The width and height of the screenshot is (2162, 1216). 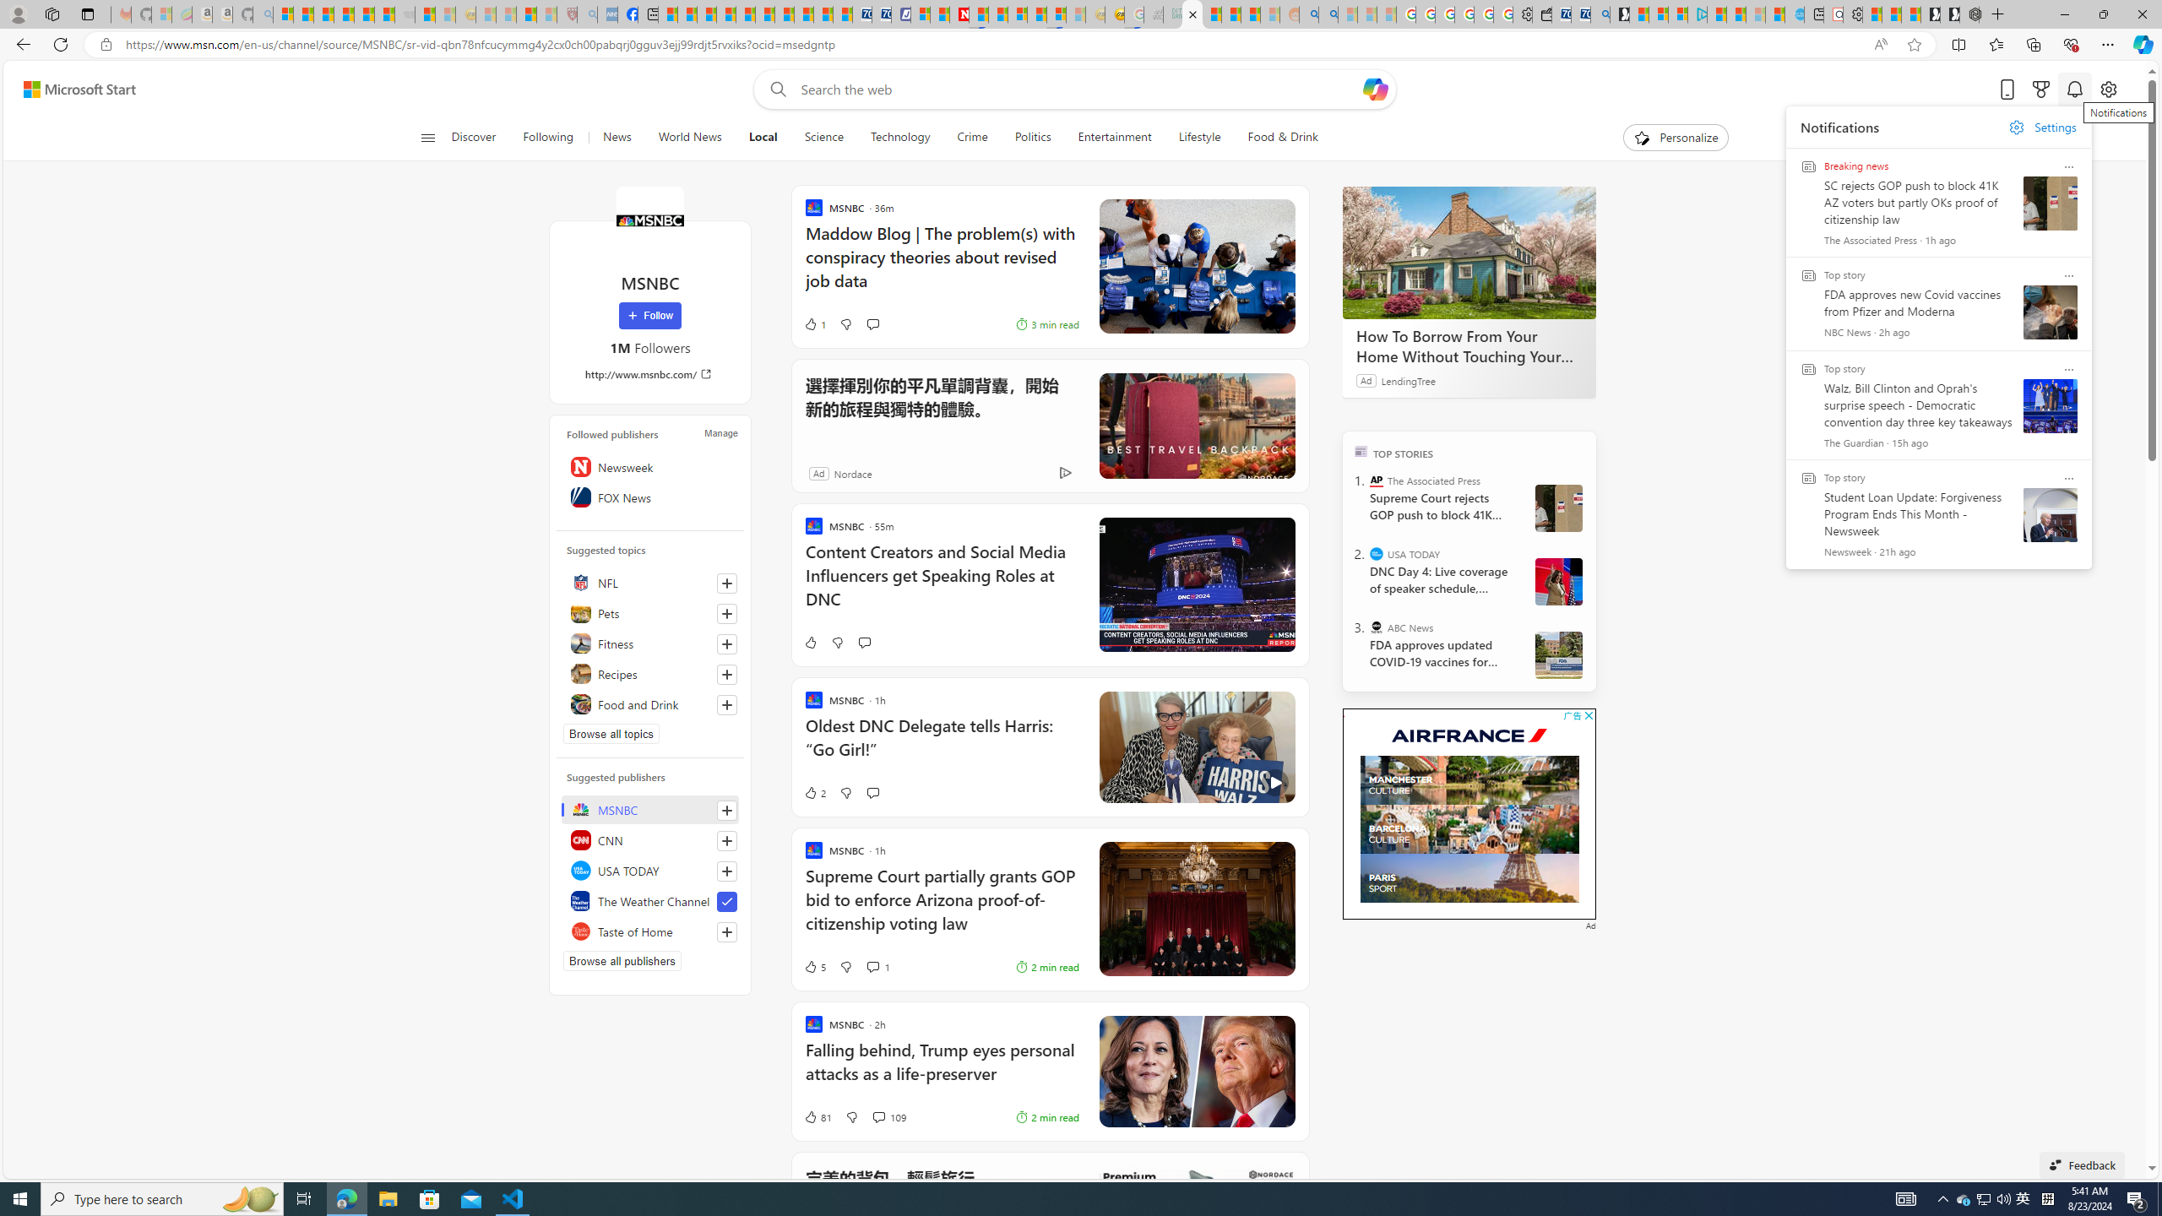 What do you see at coordinates (1793, 14) in the screenshot?
I see `'Home | Sky Blue Bikes - Sky Blue Bikes'` at bounding box center [1793, 14].